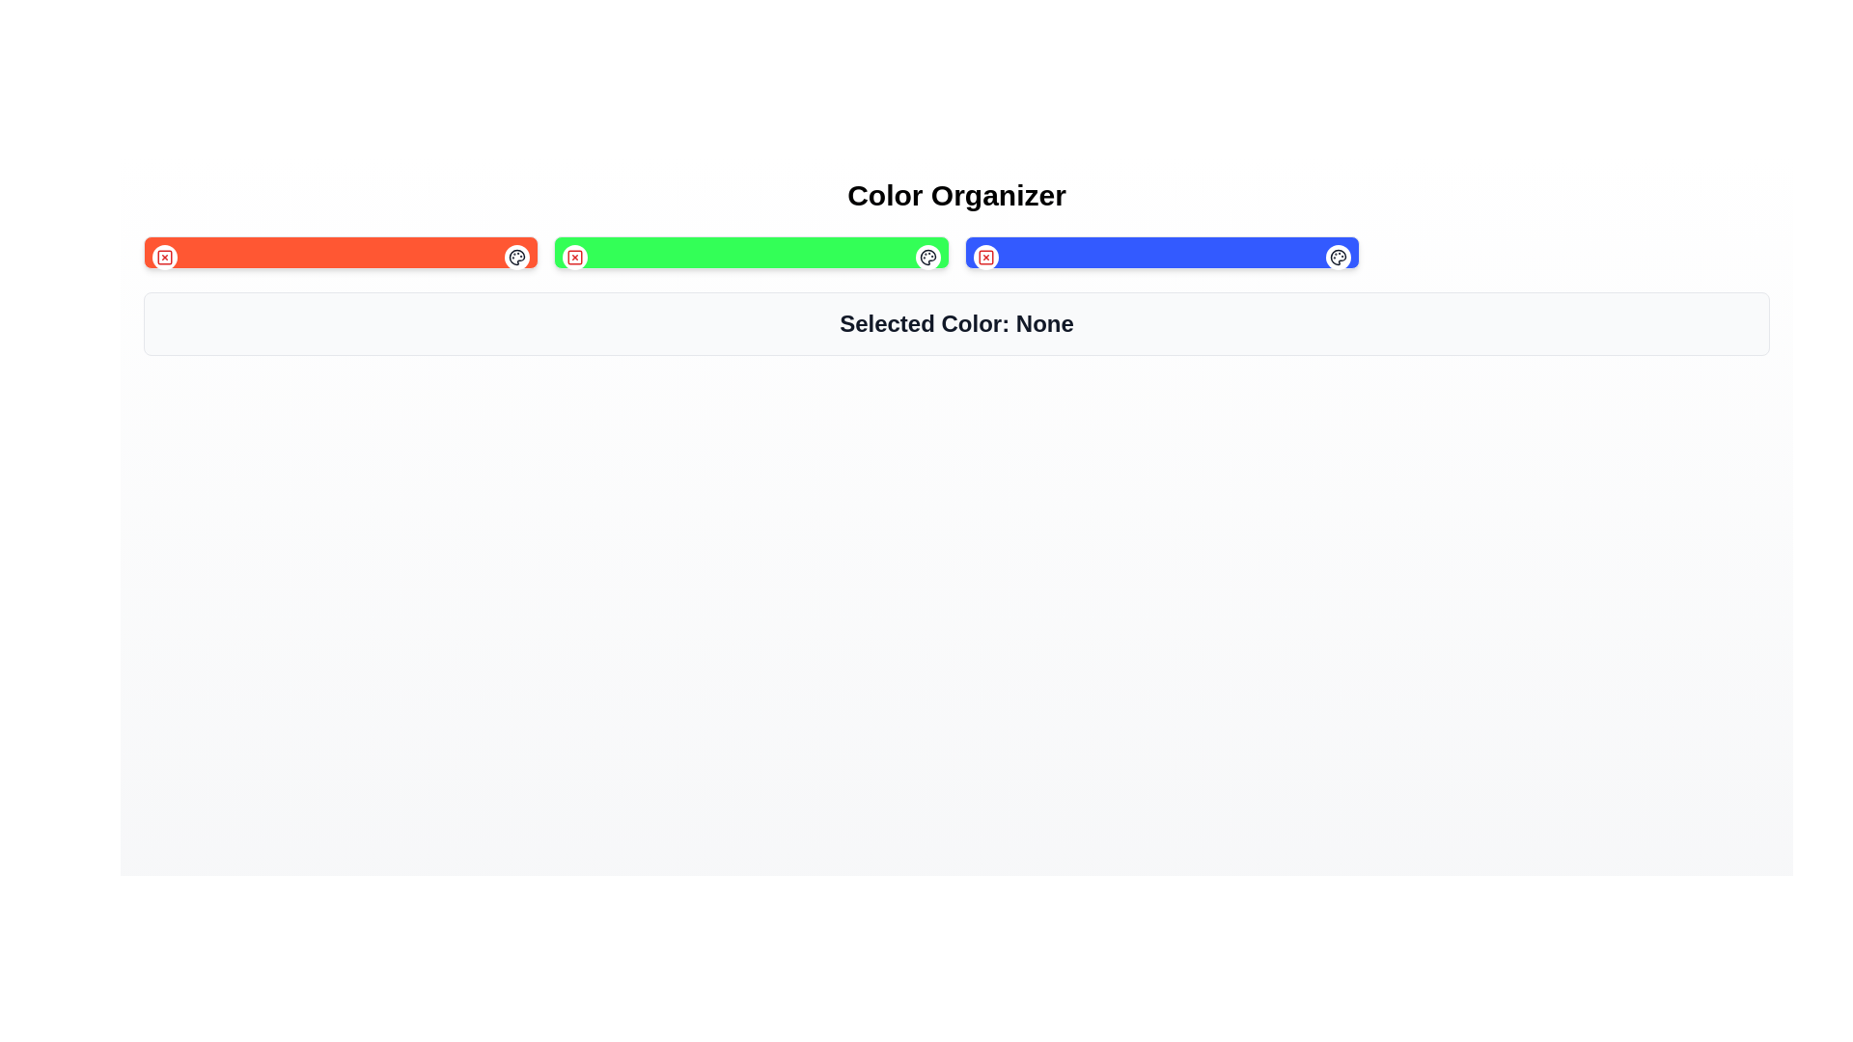 The image size is (1853, 1042). Describe the element at coordinates (517, 256) in the screenshot. I see `the artist's palette SVG icon located at the top center of the interface, within the green bar, positioned near the right edge` at that location.